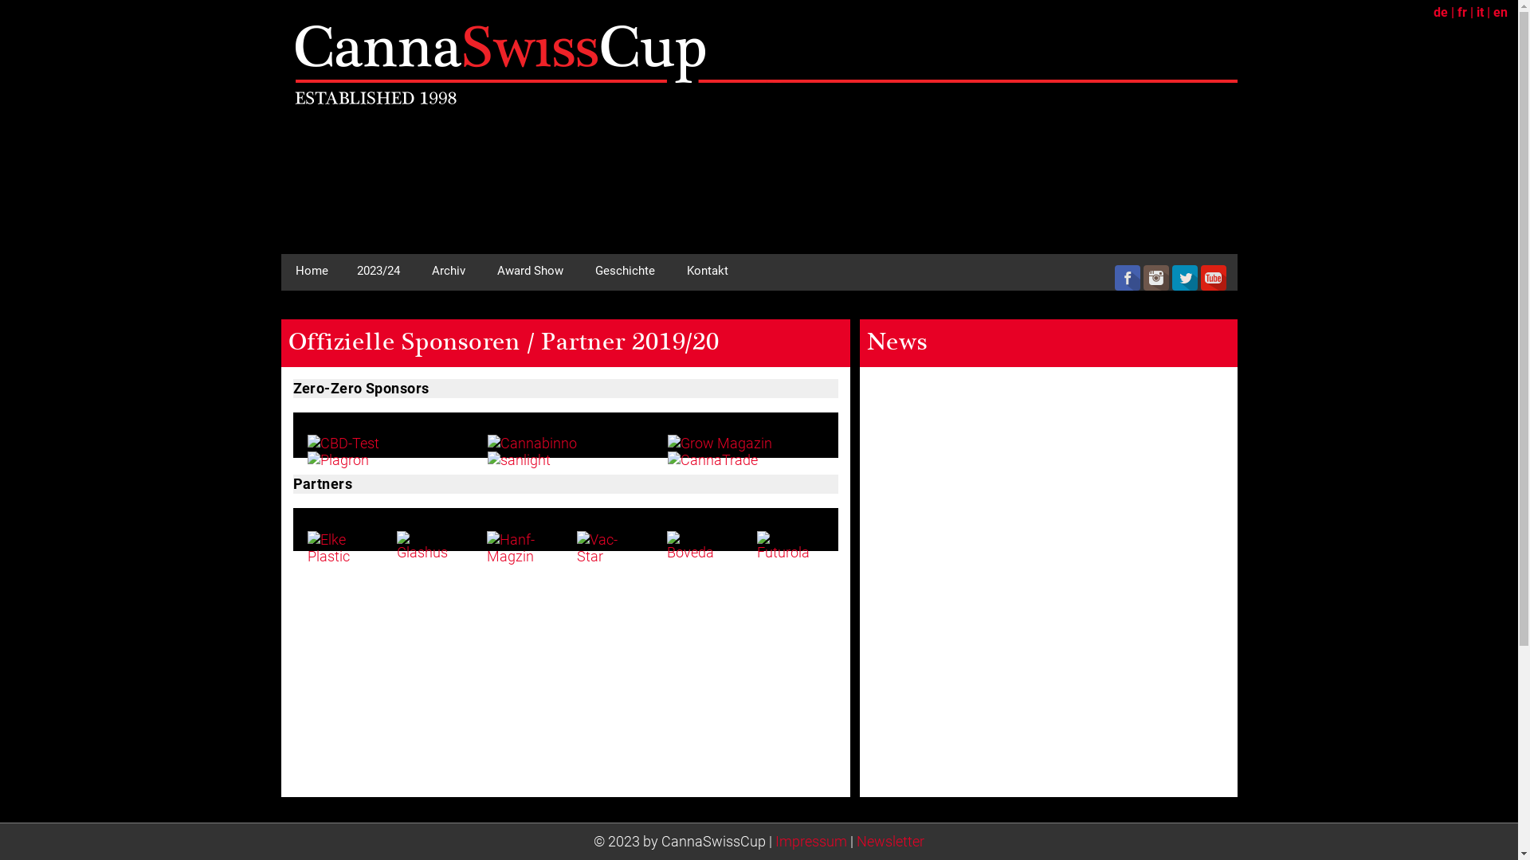  I want to click on 'Vac-Star', so click(605, 546).